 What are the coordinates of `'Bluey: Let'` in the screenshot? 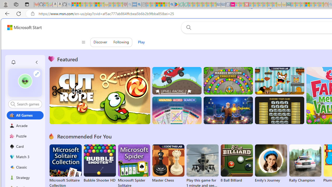 It's located at (176, 4).